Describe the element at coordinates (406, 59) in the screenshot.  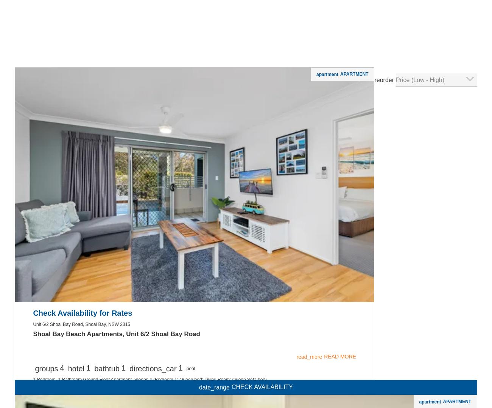
I see `'read_more'` at that location.